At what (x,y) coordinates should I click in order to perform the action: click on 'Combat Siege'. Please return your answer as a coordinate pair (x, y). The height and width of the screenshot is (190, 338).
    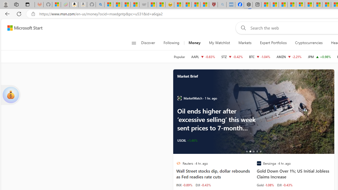
    Looking at the image, I should click on (144, 4).